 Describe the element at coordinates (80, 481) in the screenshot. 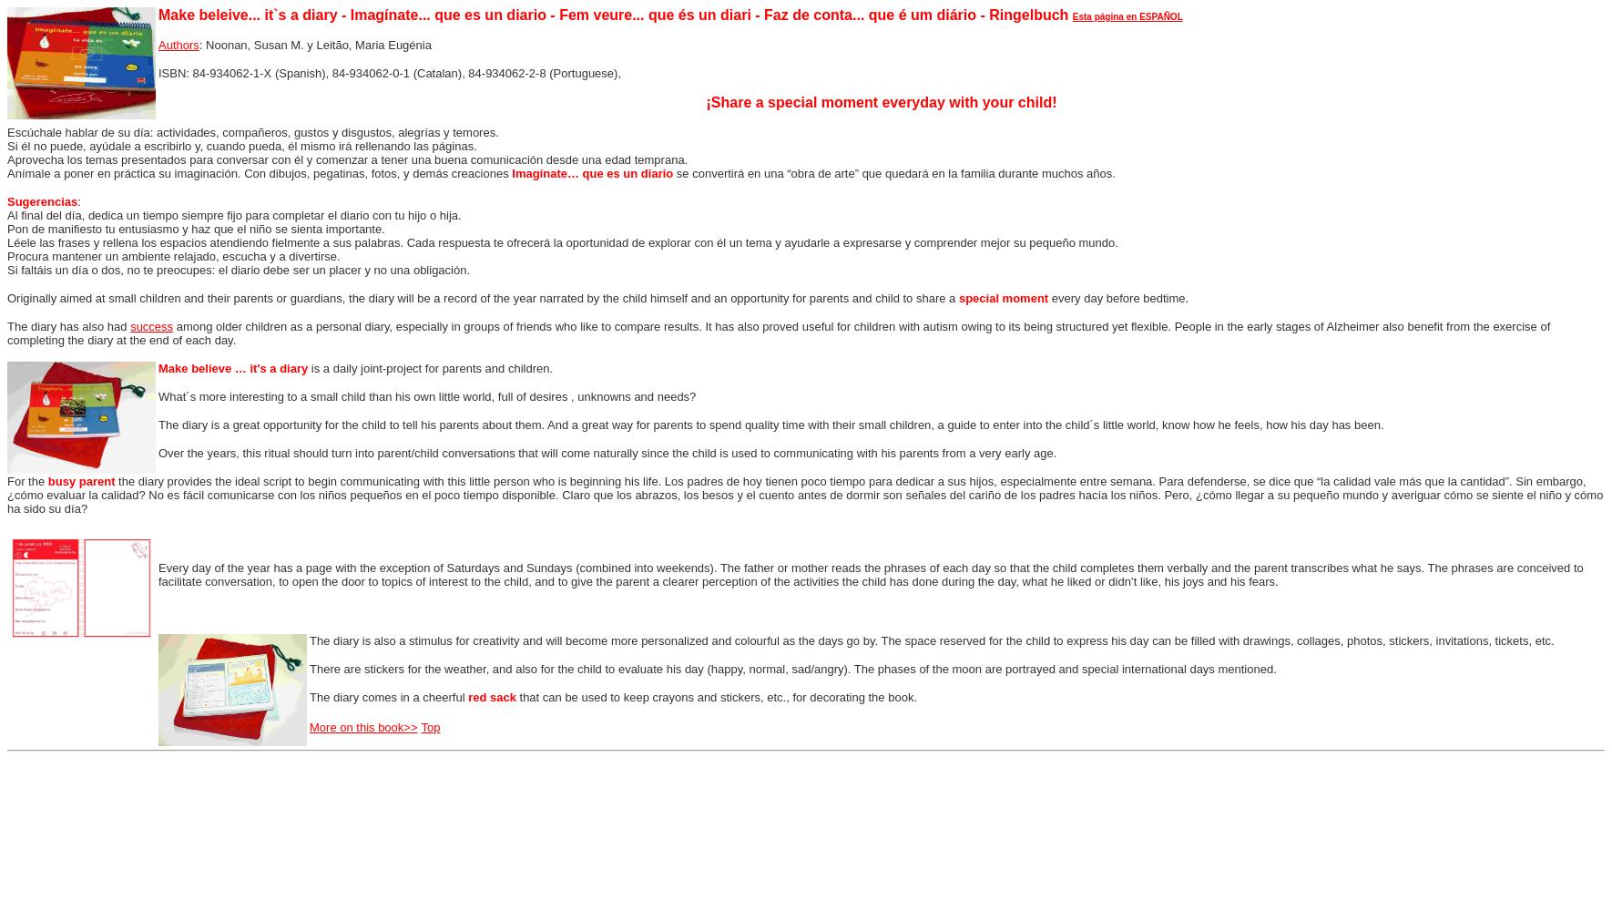

I see `'busy parent'` at that location.